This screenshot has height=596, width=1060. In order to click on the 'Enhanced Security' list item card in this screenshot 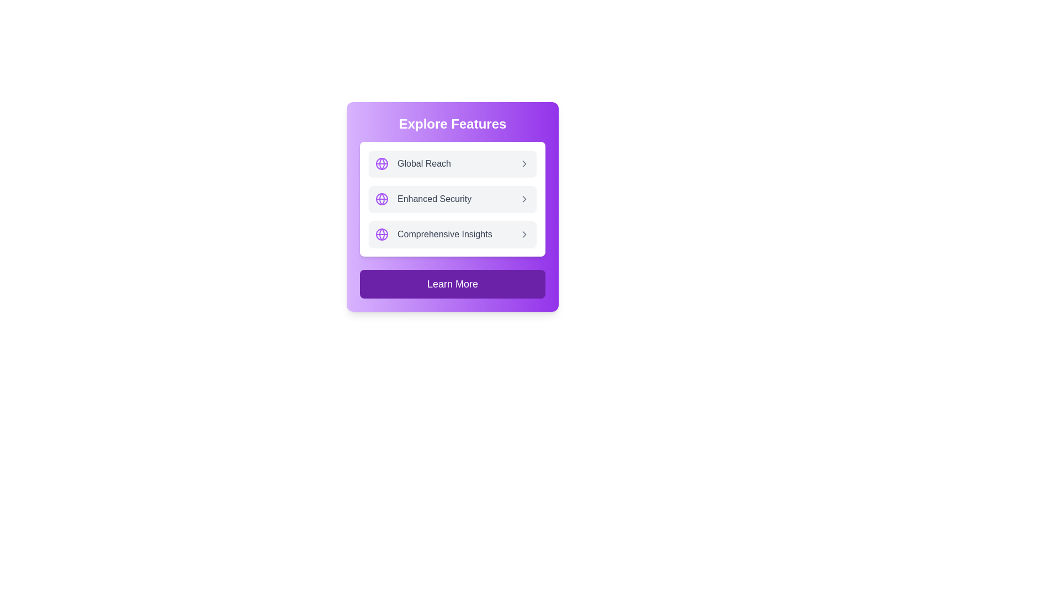, I will do `click(453, 206)`.